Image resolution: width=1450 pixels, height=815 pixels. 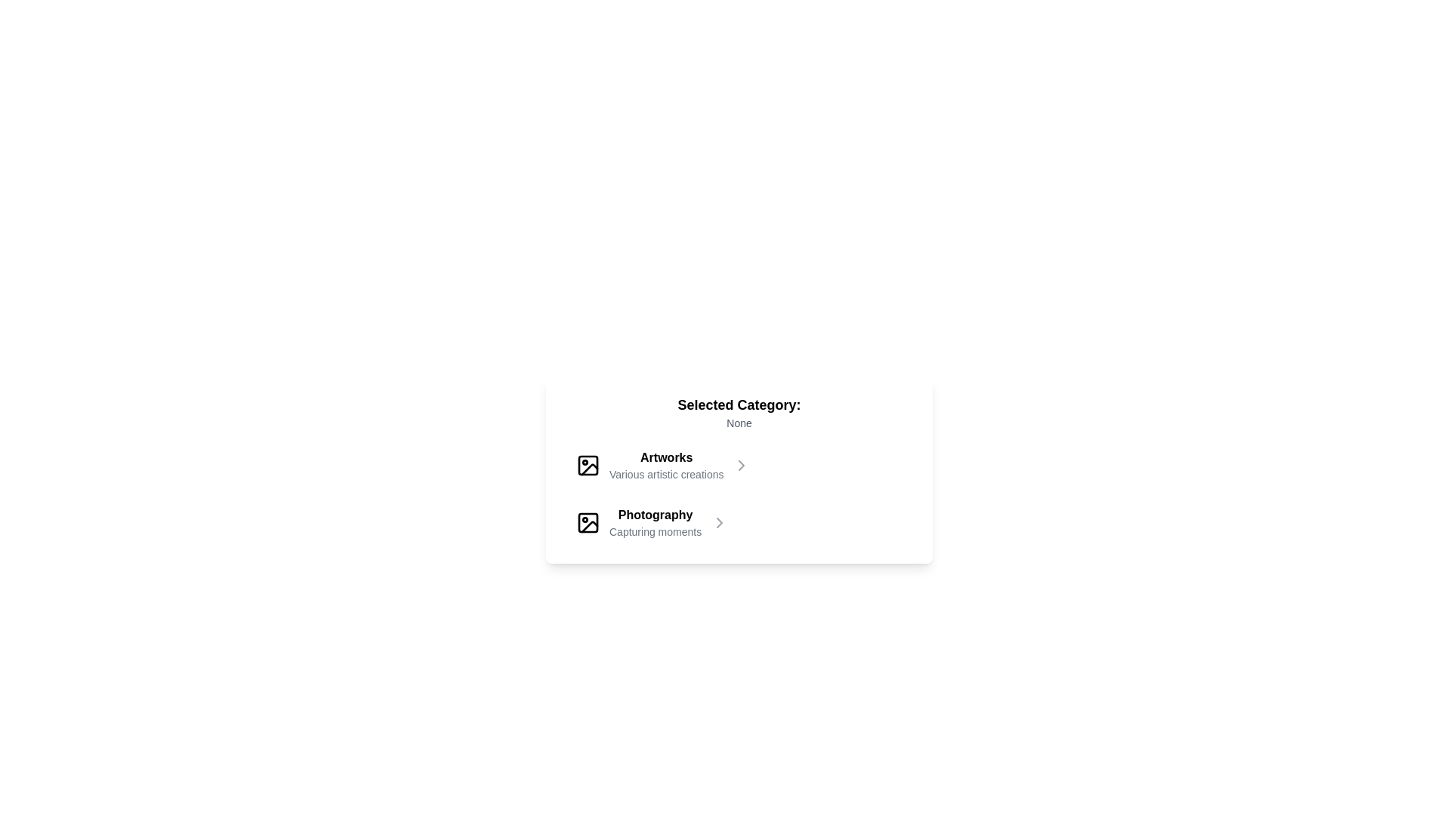 What do you see at coordinates (587, 465) in the screenshot?
I see `the 'Artworks' icon, which is the leftmost icon in the 'Artworks' list item, guiding users to select or navigate to related content` at bounding box center [587, 465].